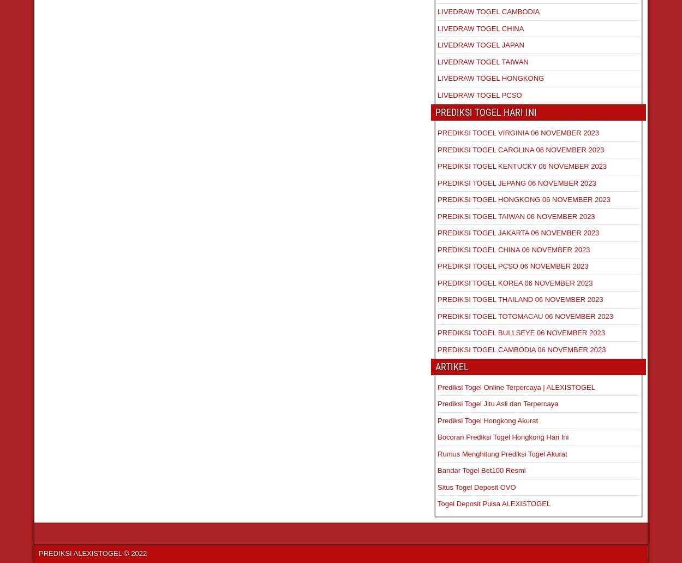 This screenshot has width=682, height=563. Describe the element at coordinates (437, 61) in the screenshot. I see `'LIVEDRAW TOGEL TAIWAN'` at that location.